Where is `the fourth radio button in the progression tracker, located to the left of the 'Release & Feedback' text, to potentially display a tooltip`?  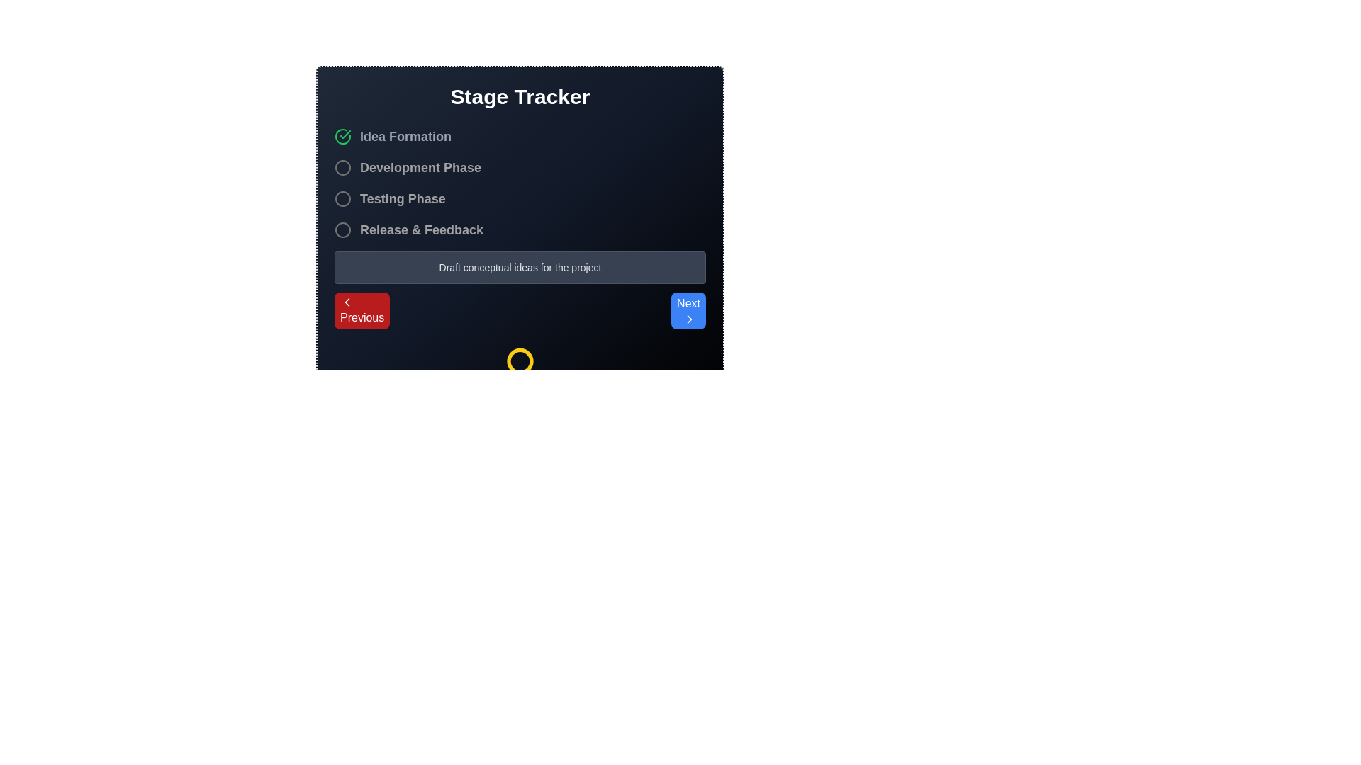
the fourth radio button in the progression tracker, located to the left of the 'Release & Feedback' text, to potentially display a tooltip is located at coordinates (343, 229).